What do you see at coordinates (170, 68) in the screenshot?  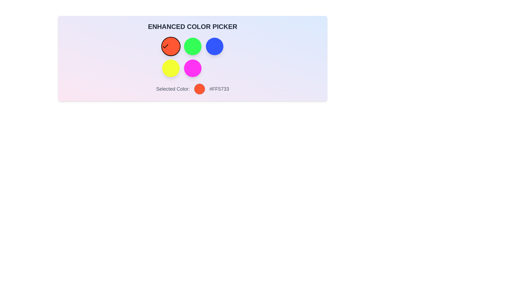 I see `the bright yellow color selection button, which is the fifth item in a grid layout of circular buttons located in the second row and first column` at bounding box center [170, 68].